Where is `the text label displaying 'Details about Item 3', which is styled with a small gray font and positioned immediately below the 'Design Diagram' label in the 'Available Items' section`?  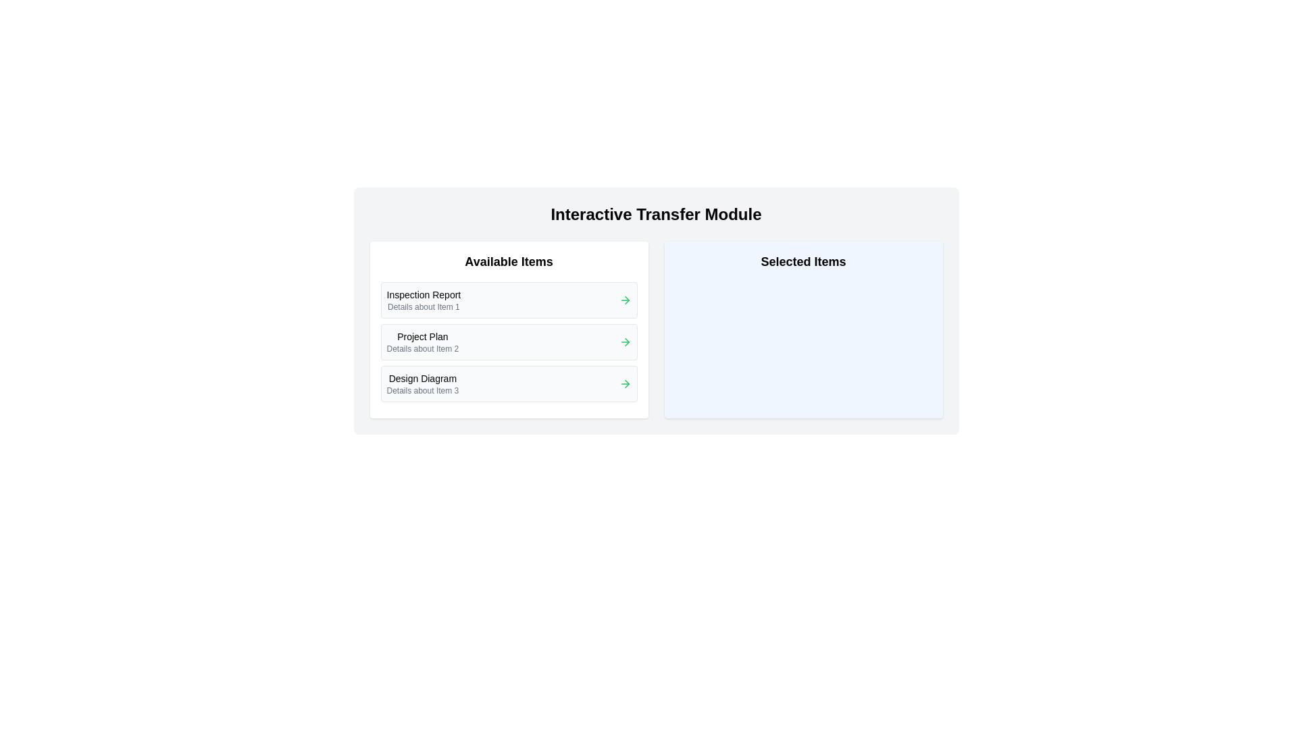 the text label displaying 'Details about Item 3', which is styled with a small gray font and positioned immediately below the 'Design Diagram' label in the 'Available Items' section is located at coordinates (422, 390).